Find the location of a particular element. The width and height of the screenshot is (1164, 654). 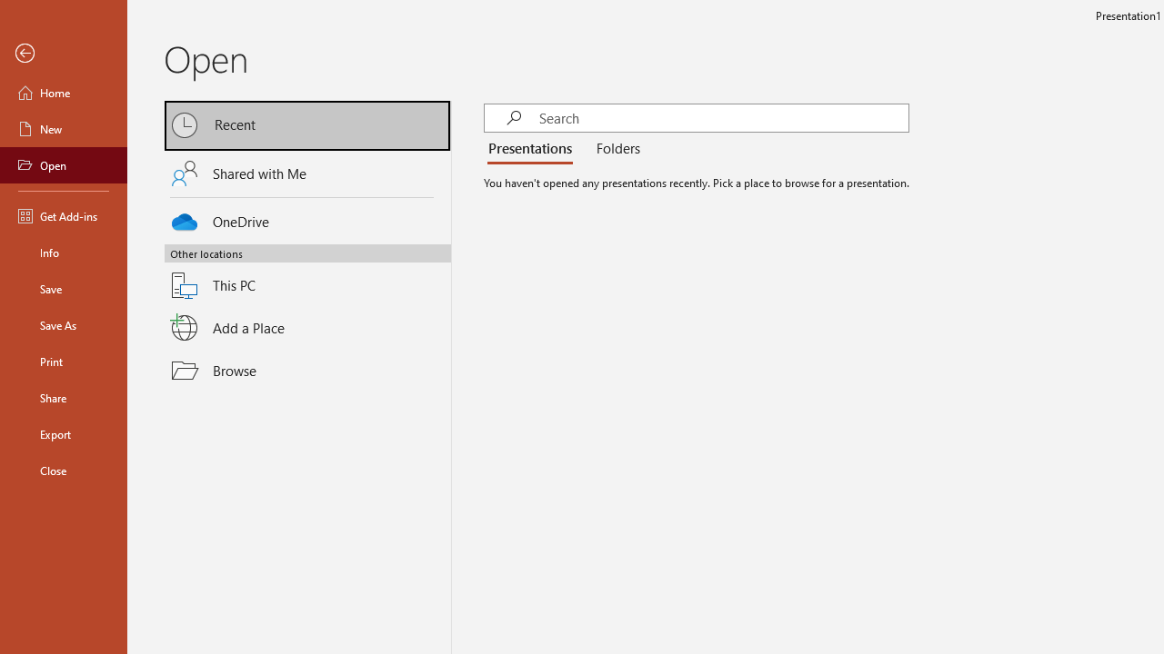

'Recent' is located at coordinates (307, 124).